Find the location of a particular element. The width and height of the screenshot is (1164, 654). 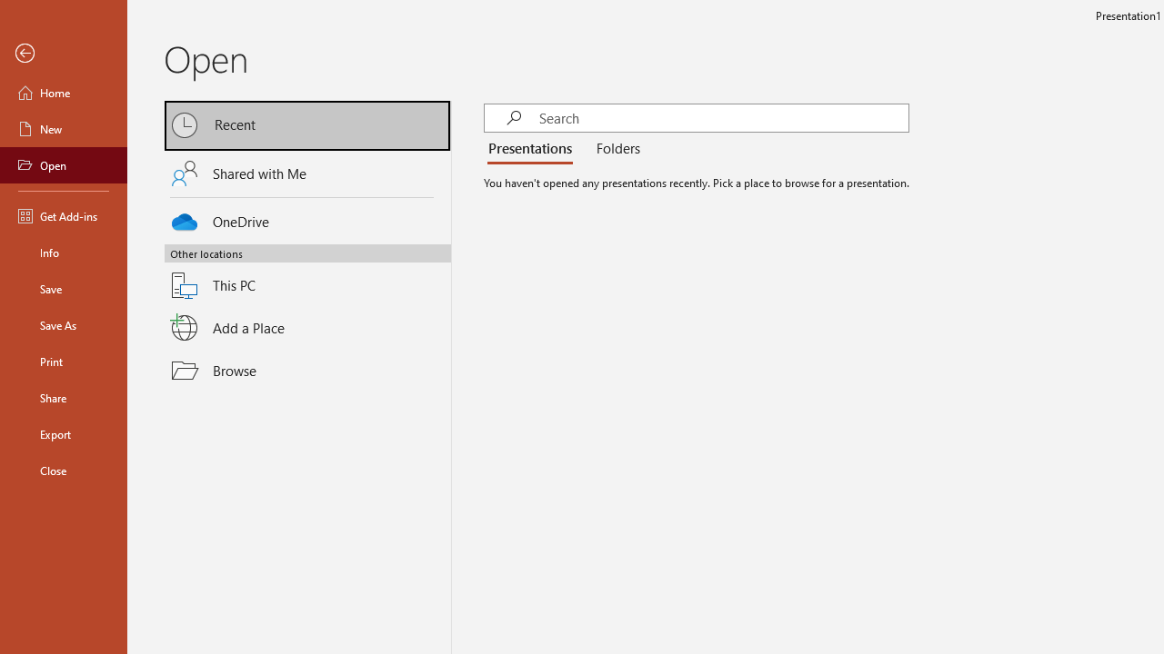

'Recent' is located at coordinates (307, 124).